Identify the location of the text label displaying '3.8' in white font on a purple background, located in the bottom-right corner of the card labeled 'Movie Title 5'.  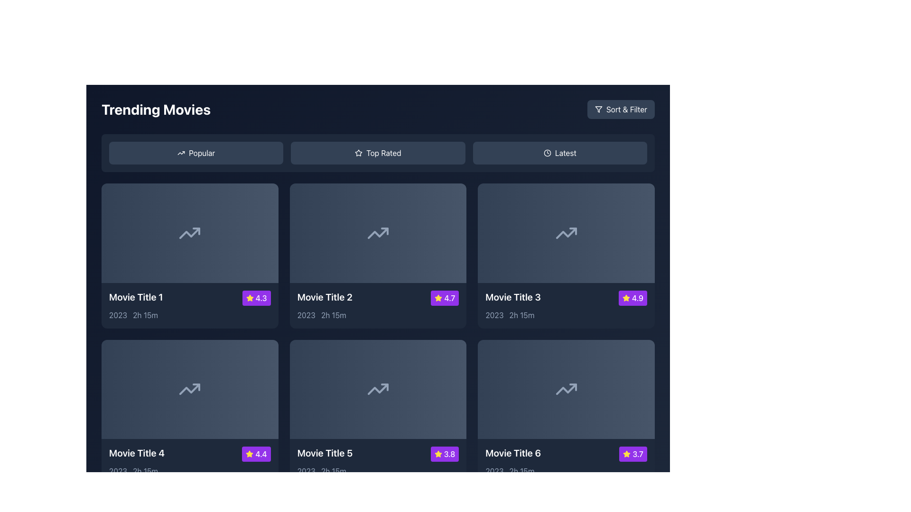
(449, 454).